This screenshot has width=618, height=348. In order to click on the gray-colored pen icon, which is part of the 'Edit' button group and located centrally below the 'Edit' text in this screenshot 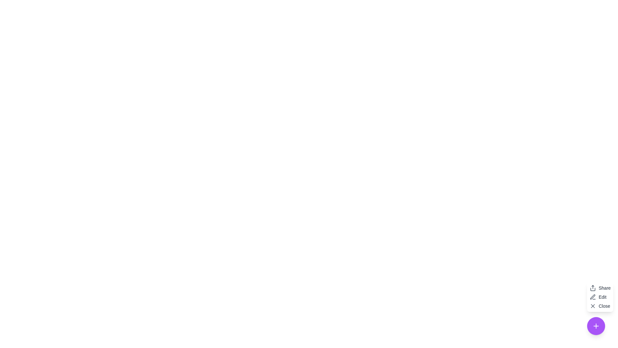, I will do `click(593, 297)`.